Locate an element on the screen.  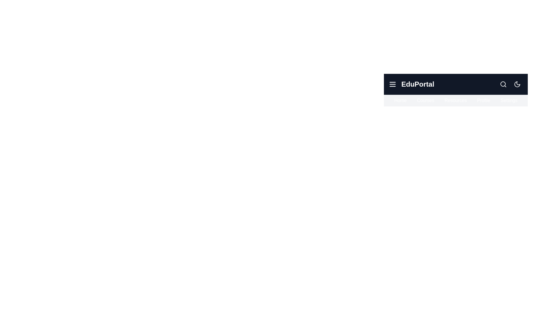
the navigation item Resources from the navigation bar is located at coordinates (455, 100).